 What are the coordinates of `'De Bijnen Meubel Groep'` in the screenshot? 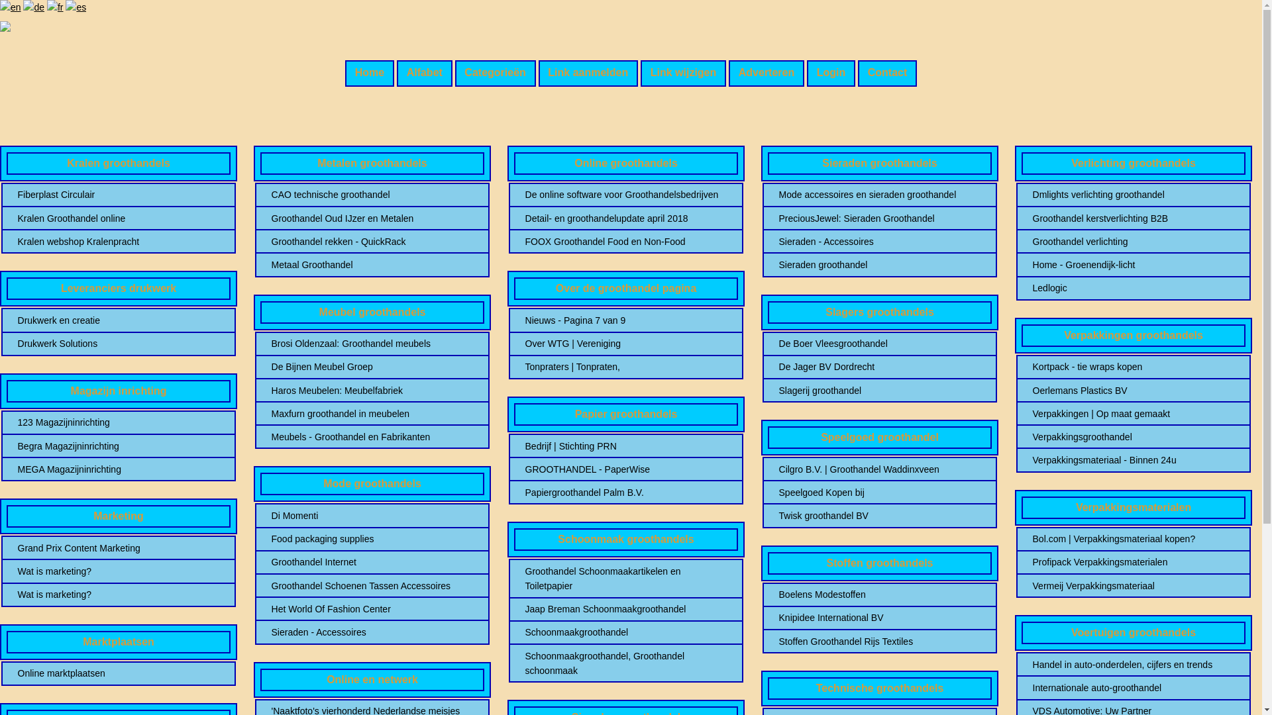 It's located at (270, 367).